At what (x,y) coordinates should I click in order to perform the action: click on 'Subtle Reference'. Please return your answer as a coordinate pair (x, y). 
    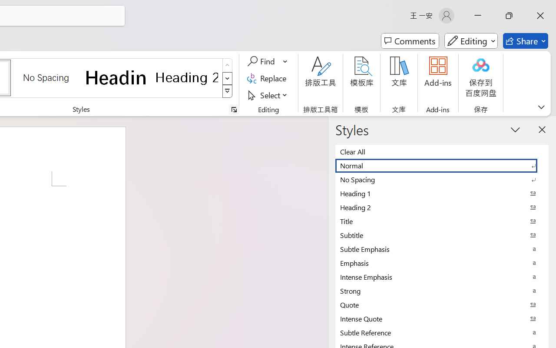
    Looking at the image, I should click on (442, 332).